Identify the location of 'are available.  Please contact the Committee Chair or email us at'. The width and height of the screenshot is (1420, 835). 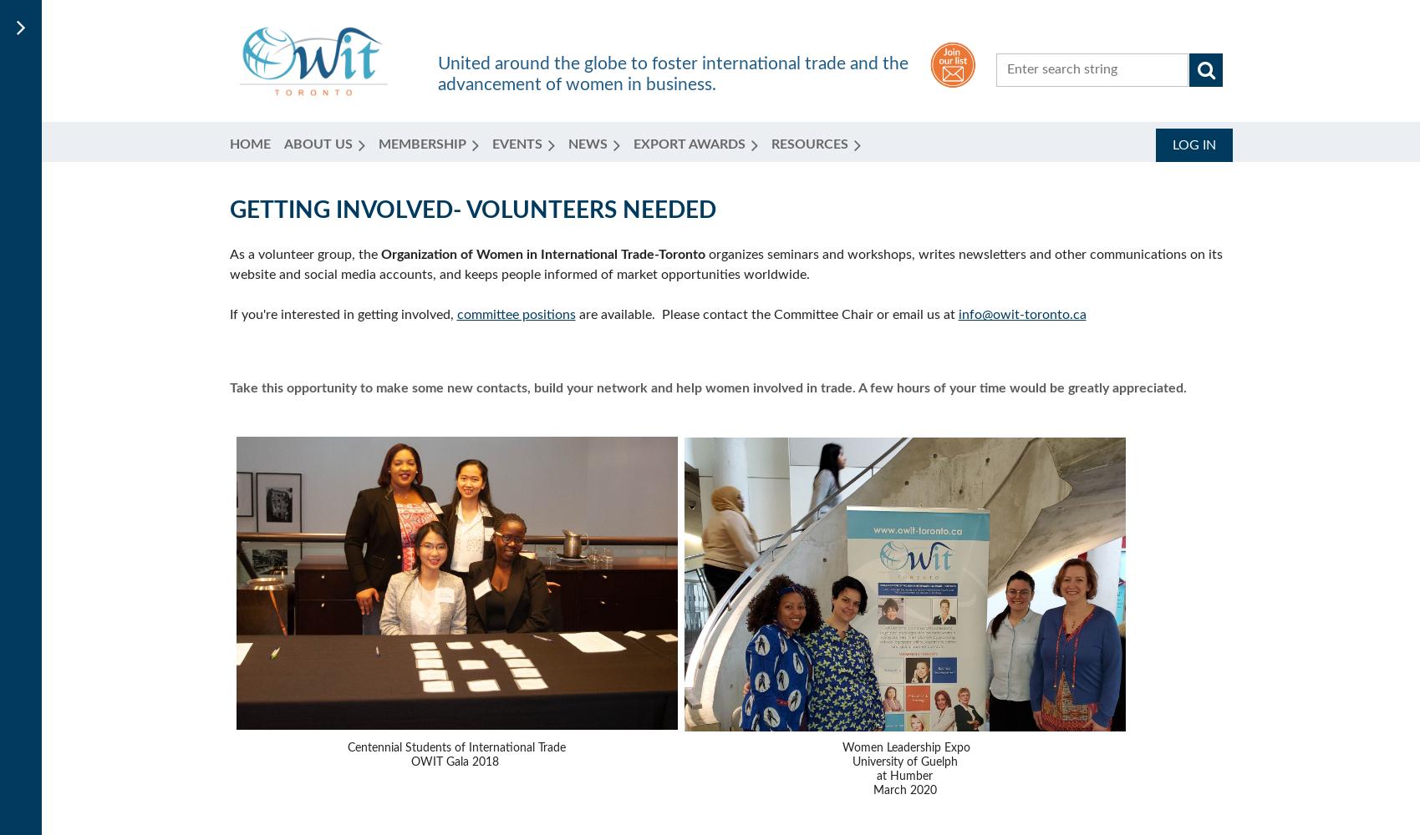
(765, 315).